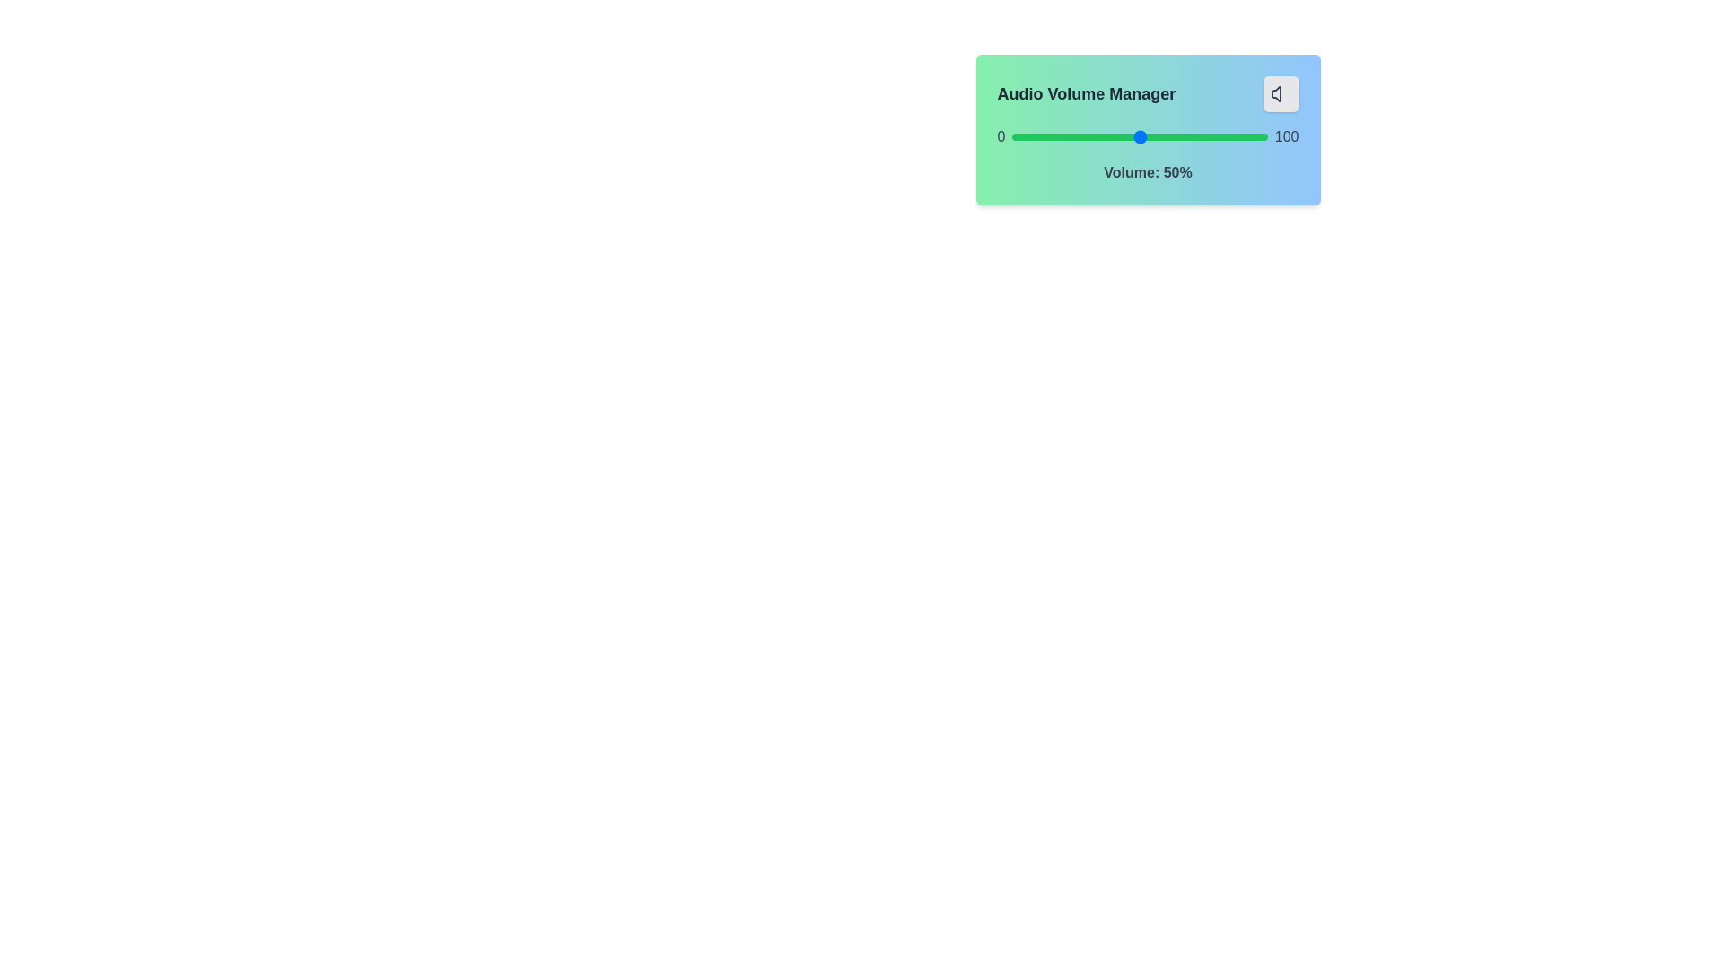  What do you see at coordinates (1018, 136) in the screenshot?
I see `the audio volume` at bounding box center [1018, 136].